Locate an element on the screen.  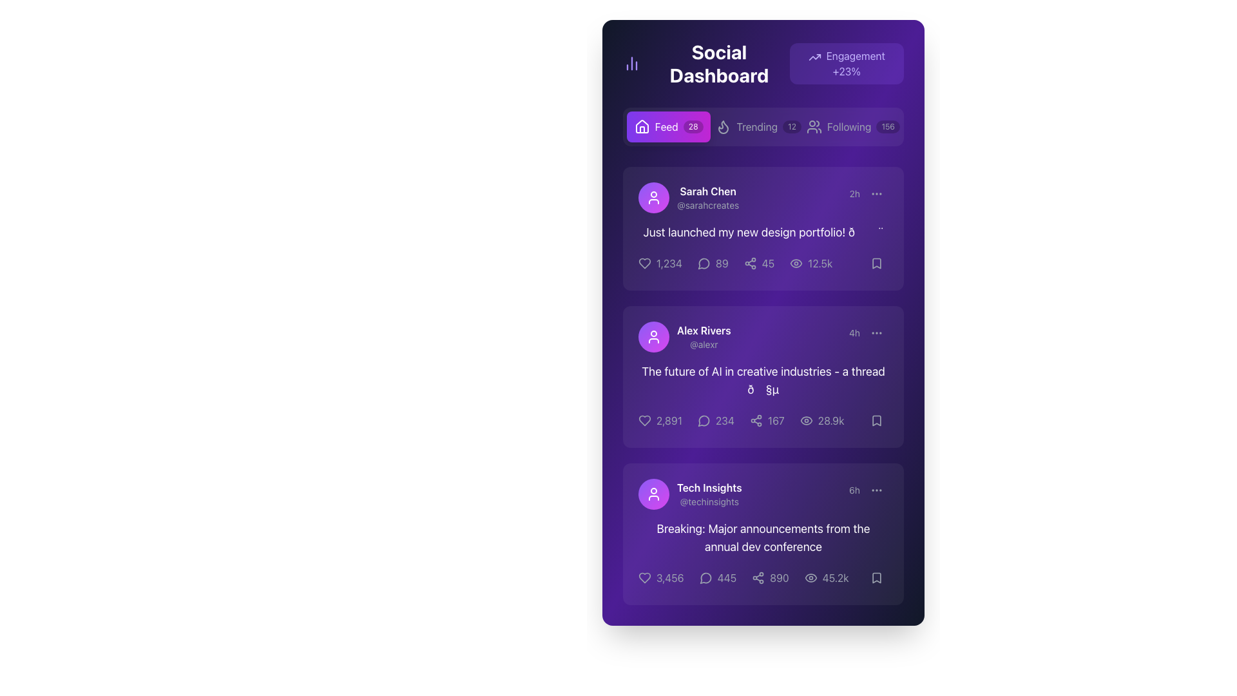
the chat or comment icon located at the center of the icon widget in the top left corner of the app's content area to initiate a comment is located at coordinates (703, 263).